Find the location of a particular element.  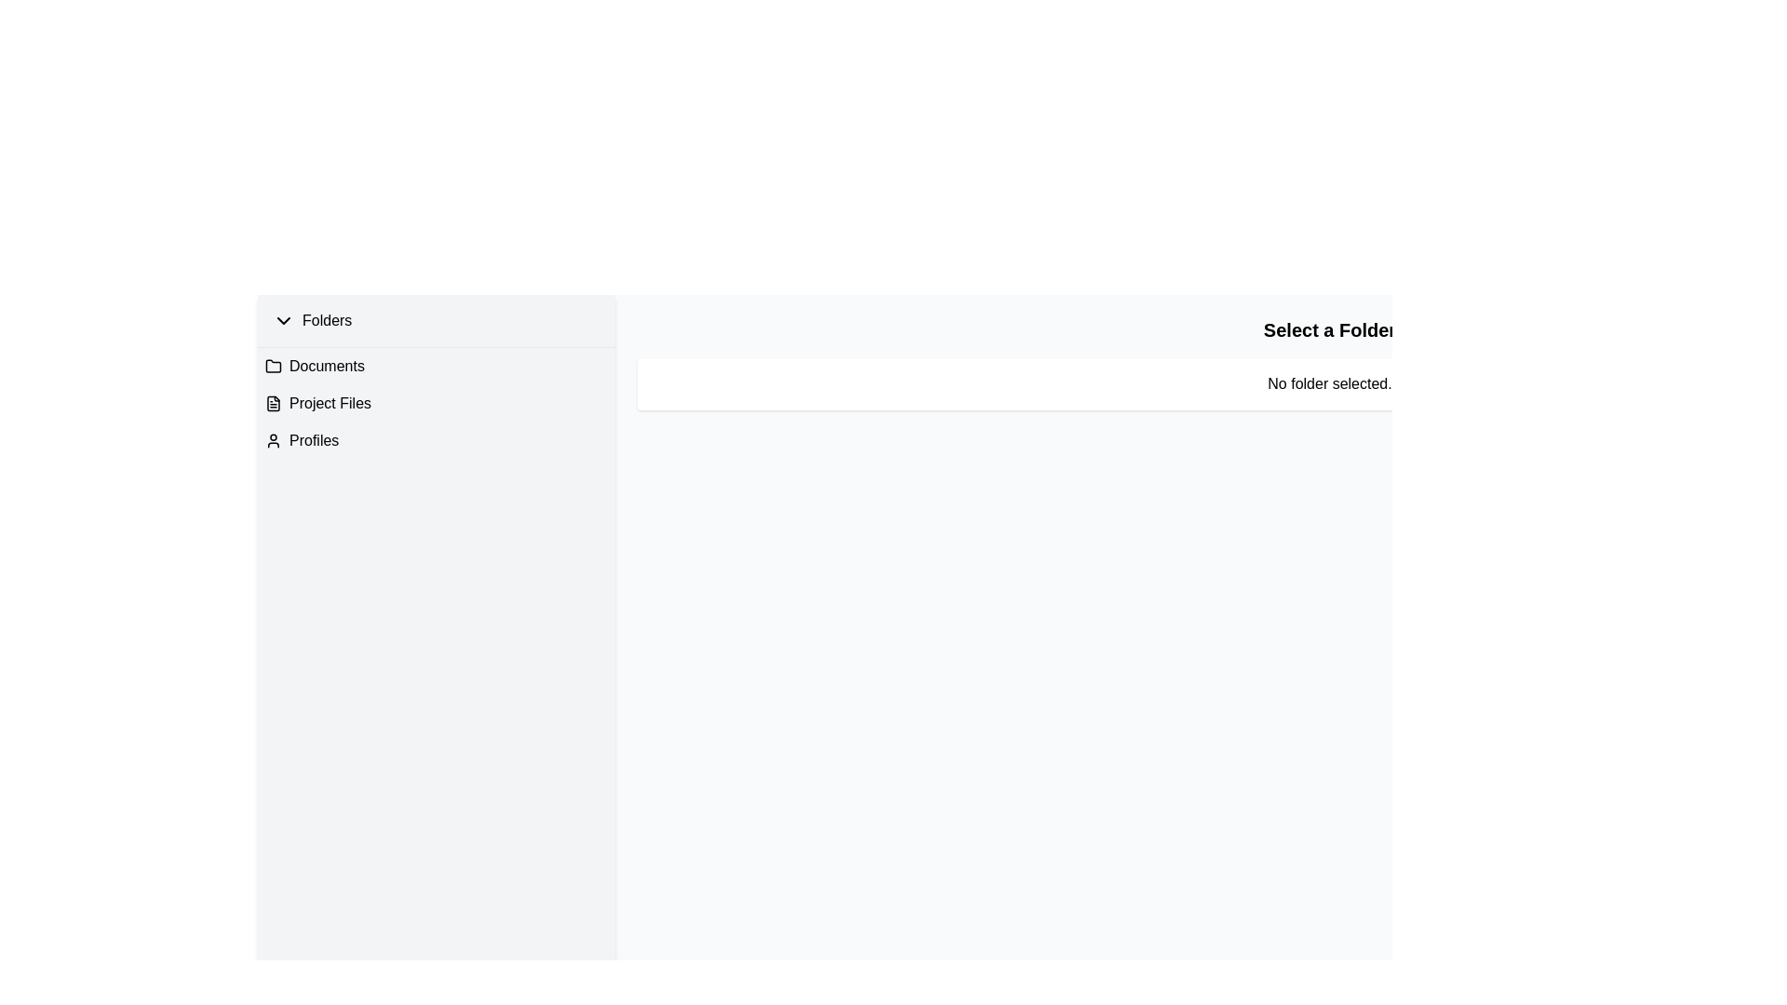

the 'Profiles' text label located in the left-hand panel under the 'Folders' section is located at coordinates (314, 441).